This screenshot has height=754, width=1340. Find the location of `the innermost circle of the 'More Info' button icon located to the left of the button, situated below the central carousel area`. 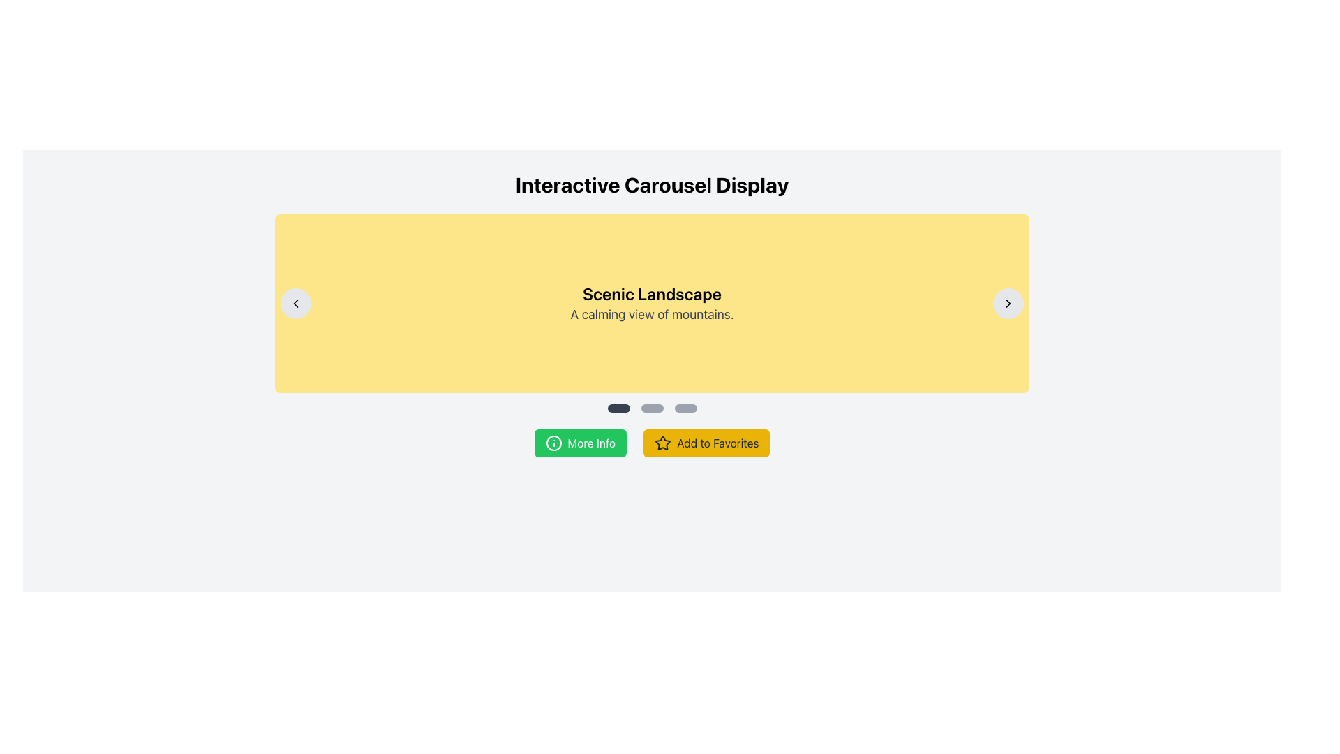

the innermost circle of the 'More Info' button icon located to the left of the button, situated below the central carousel area is located at coordinates (553, 443).